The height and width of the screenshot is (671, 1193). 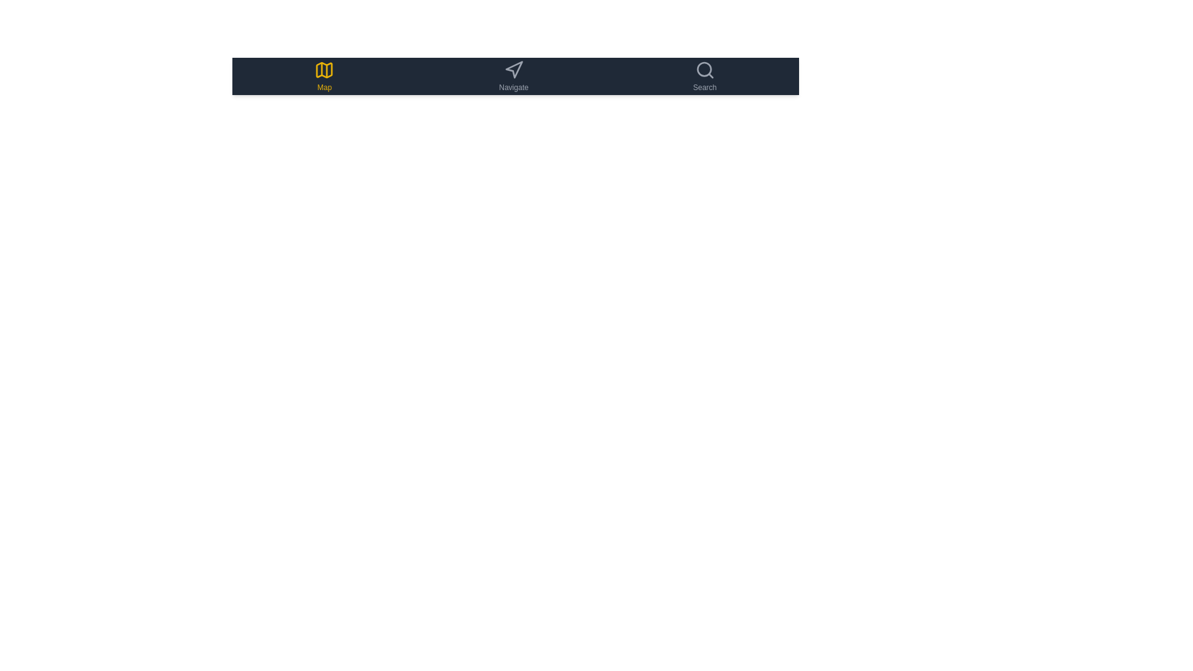 I want to click on the second vector icon from the left in the toolbar, so click(x=514, y=70).